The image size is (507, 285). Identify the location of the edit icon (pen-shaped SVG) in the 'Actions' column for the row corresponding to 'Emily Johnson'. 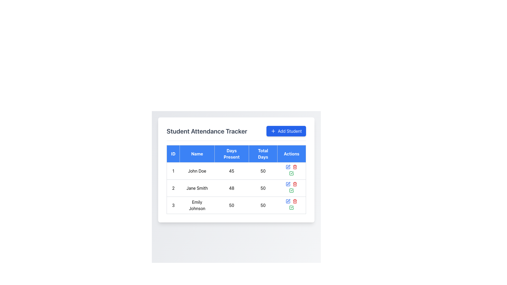
(288, 201).